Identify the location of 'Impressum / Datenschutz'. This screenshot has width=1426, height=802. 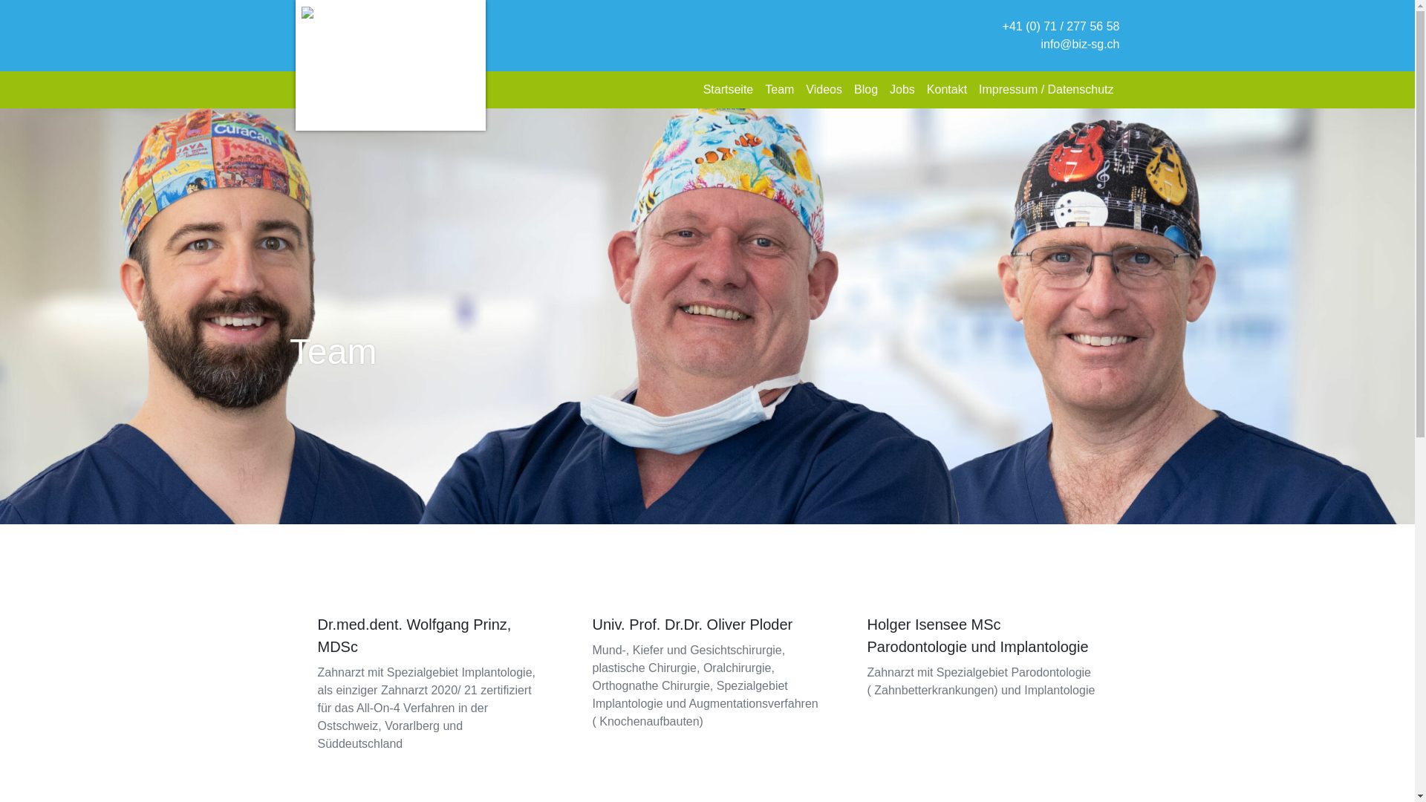
(1045, 89).